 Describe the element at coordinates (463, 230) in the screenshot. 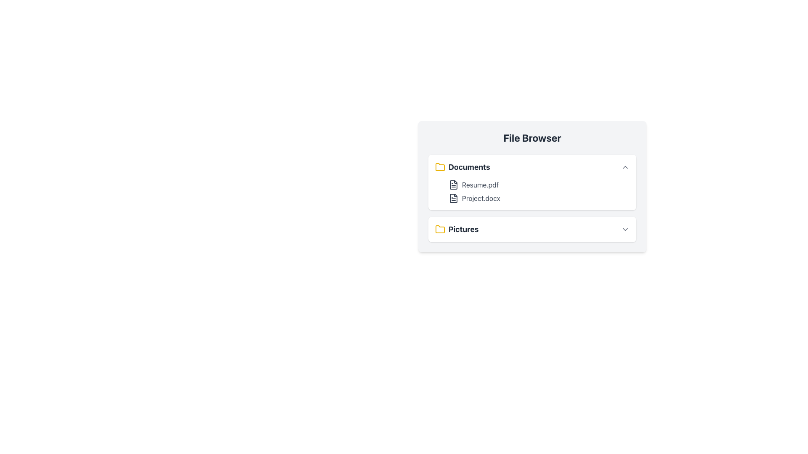

I see `the 'Pictures' text label in the file browser` at that location.